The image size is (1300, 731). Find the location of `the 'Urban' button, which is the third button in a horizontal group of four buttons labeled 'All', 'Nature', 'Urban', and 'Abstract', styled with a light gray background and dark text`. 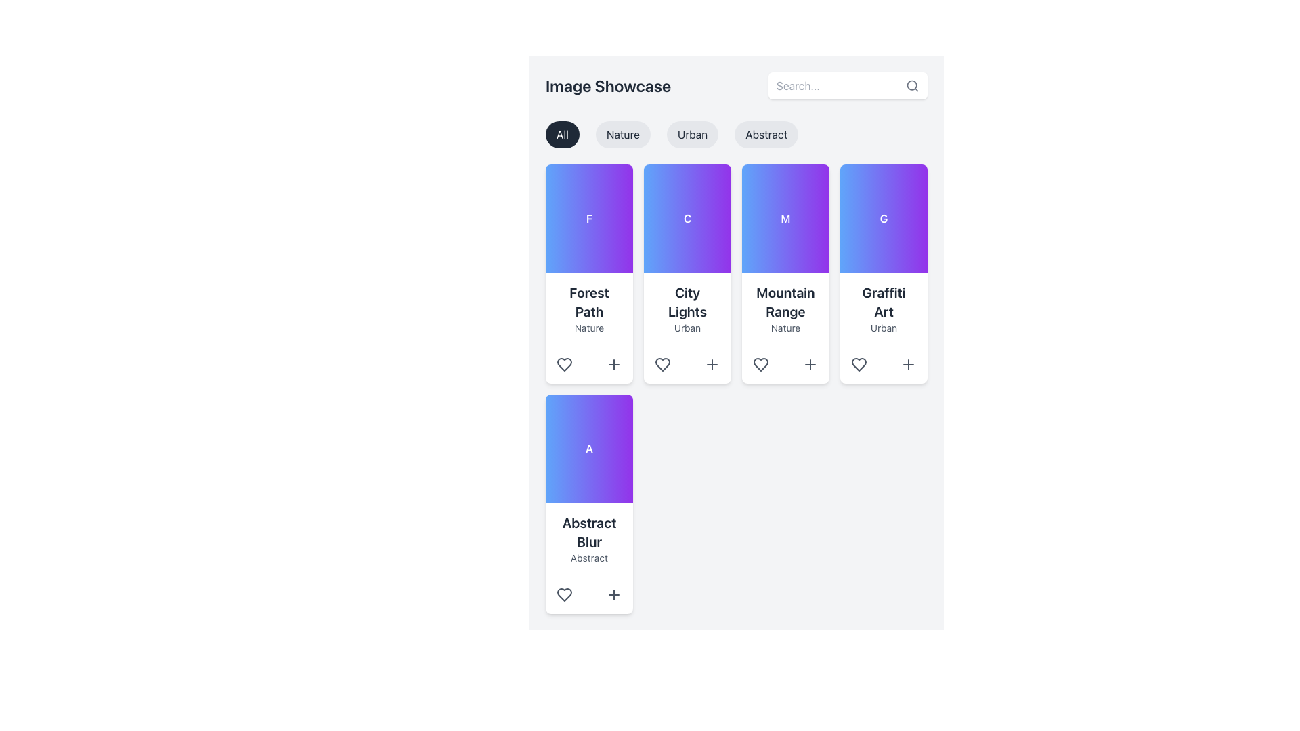

the 'Urban' button, which is the third button in a horizontal group of four buttons labeled 'All', 'Nature', 'Urban', and 'Abstract', styled with a light gray background and dark text is located at coordinates (693, 135).